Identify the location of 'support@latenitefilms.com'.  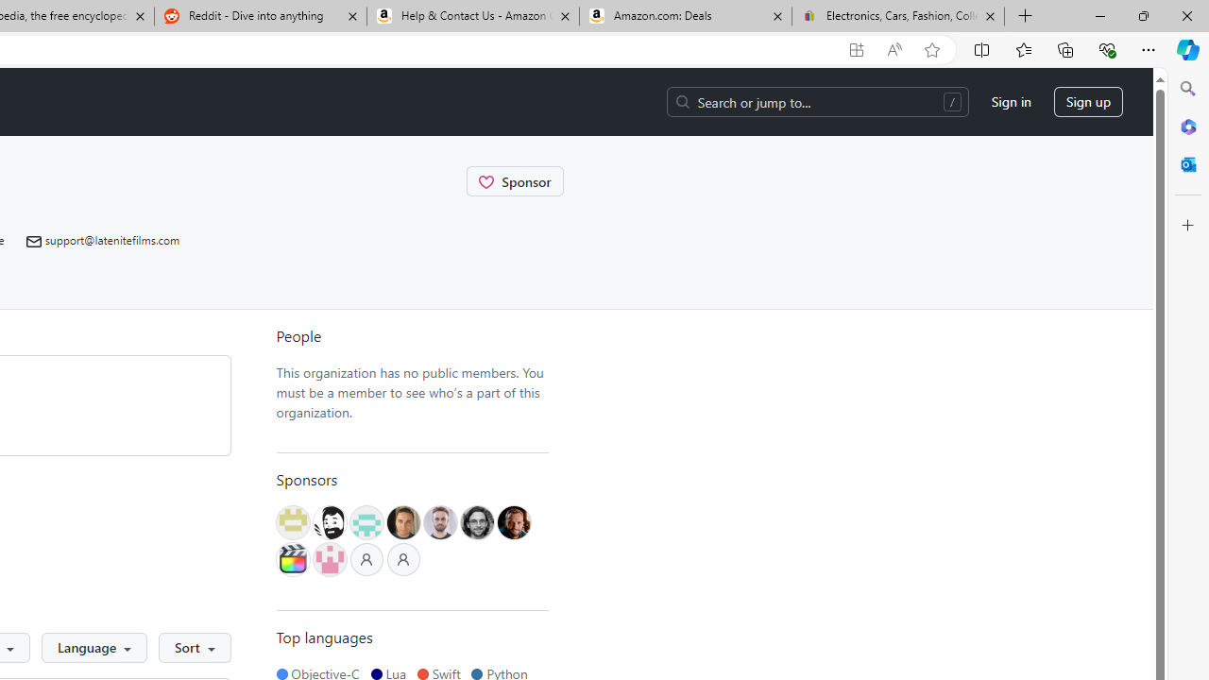
(111, 239).